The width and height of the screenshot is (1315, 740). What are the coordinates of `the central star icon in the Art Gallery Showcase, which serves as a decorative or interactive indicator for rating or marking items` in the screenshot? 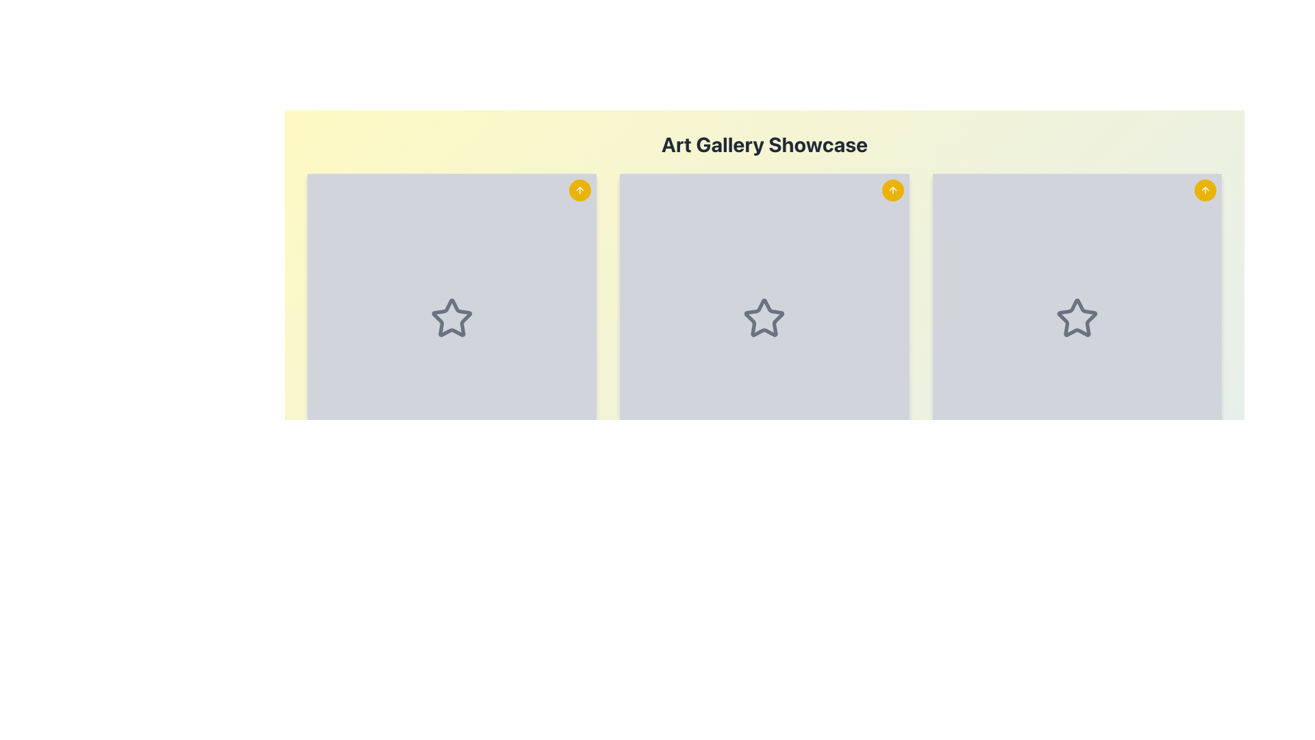 It's located at (764, 317).